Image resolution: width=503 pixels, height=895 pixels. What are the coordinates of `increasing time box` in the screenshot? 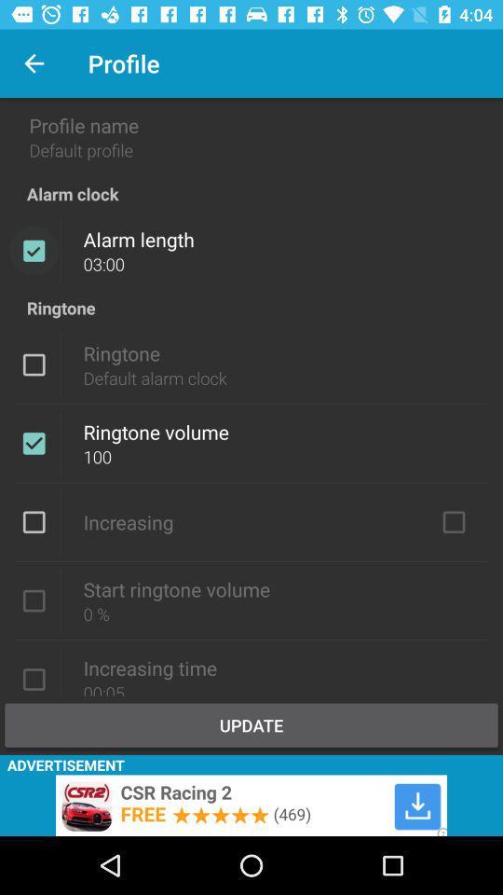 It's located at (34, 677).